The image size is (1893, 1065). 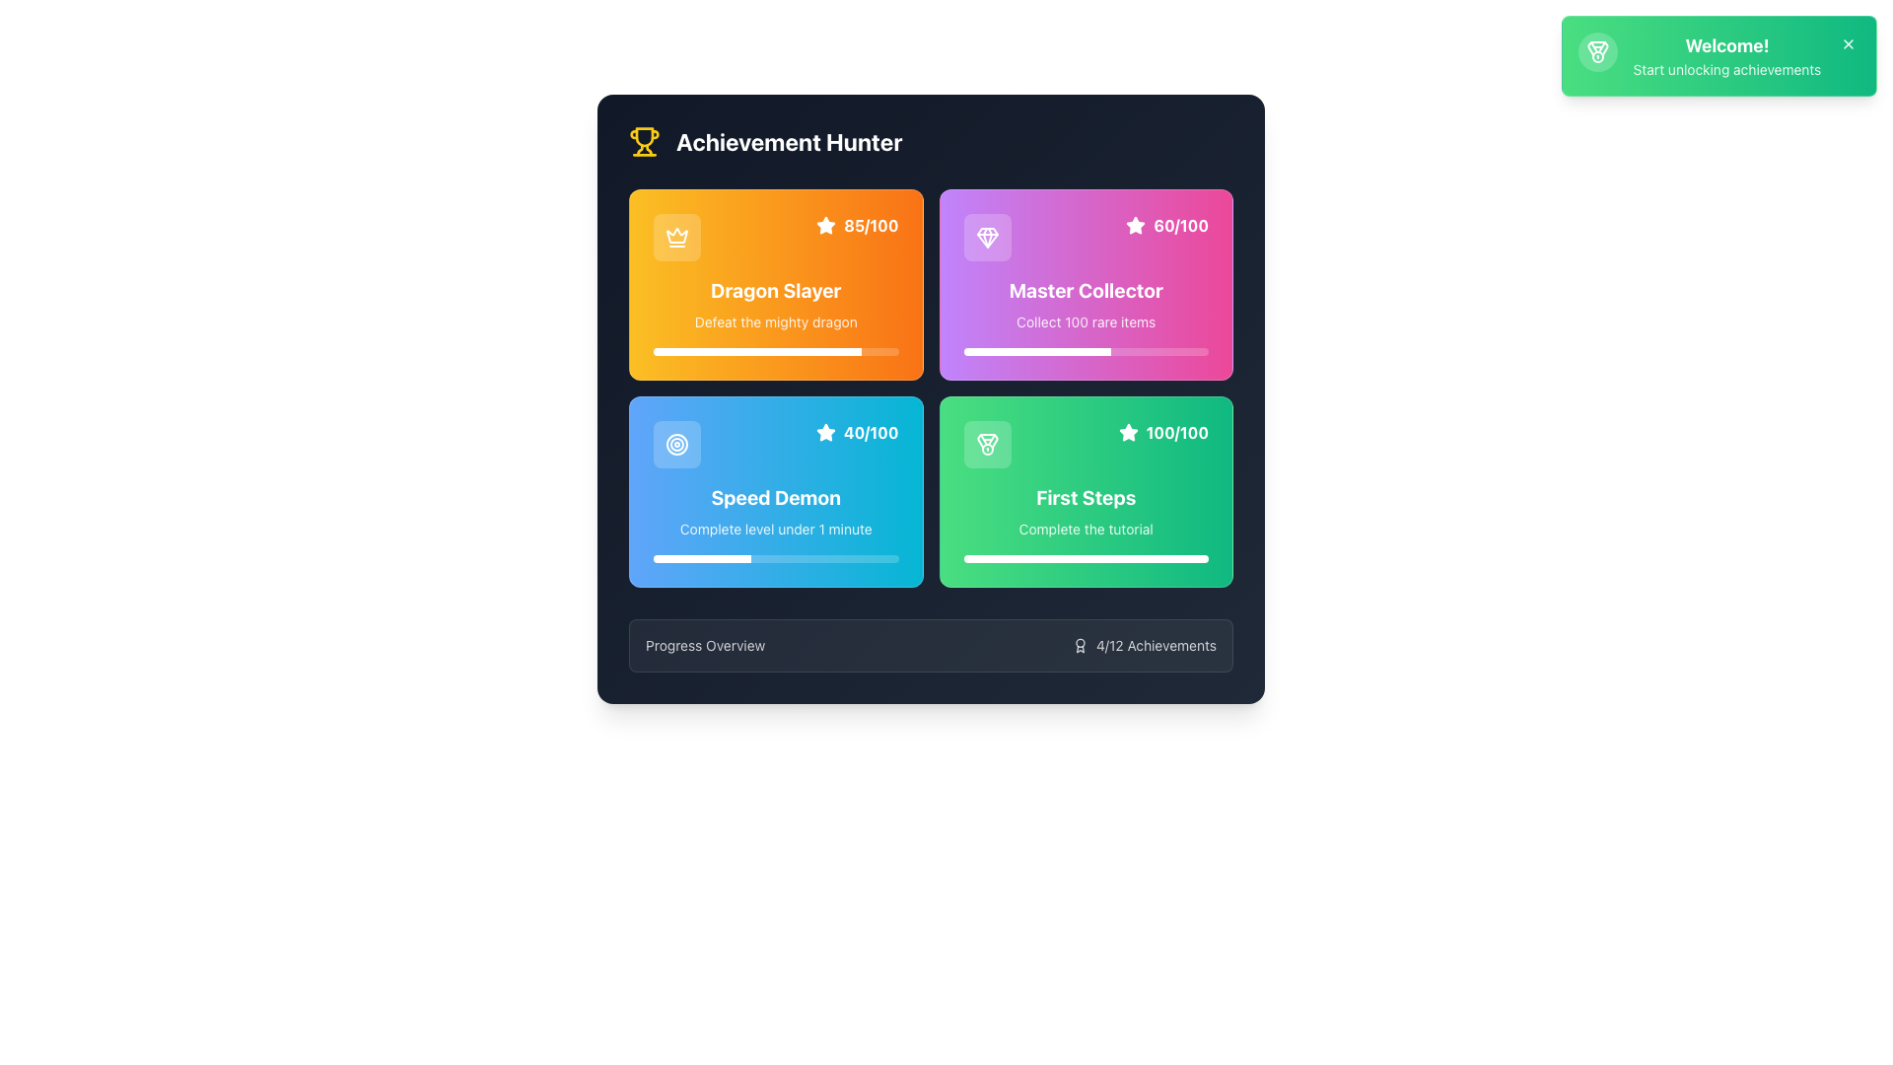 I want to click on the close button located at the top-right corner of the green 'Welcome! Start unlocking achievements' banner, so click(x=1848, y=44).